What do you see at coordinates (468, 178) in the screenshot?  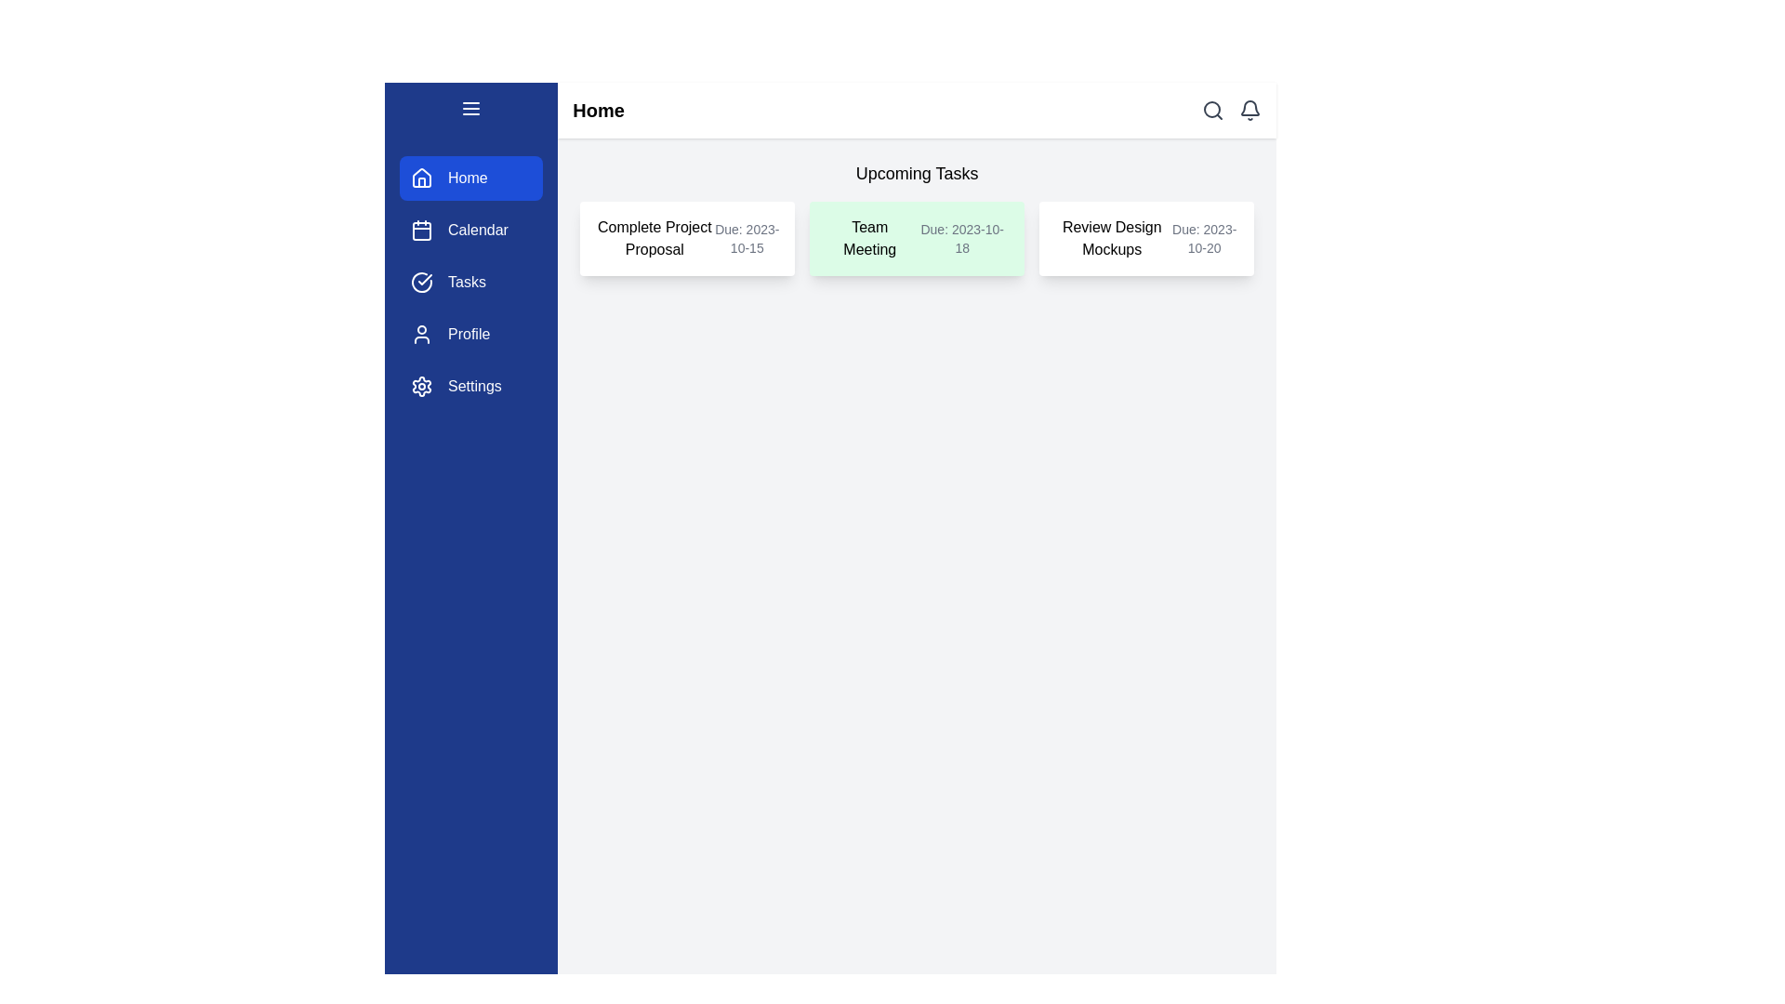 I see `the 'Home' text label in the vertical sidebar navigation, which indicates the current active section of the menu` at bounding box center [468, 178].